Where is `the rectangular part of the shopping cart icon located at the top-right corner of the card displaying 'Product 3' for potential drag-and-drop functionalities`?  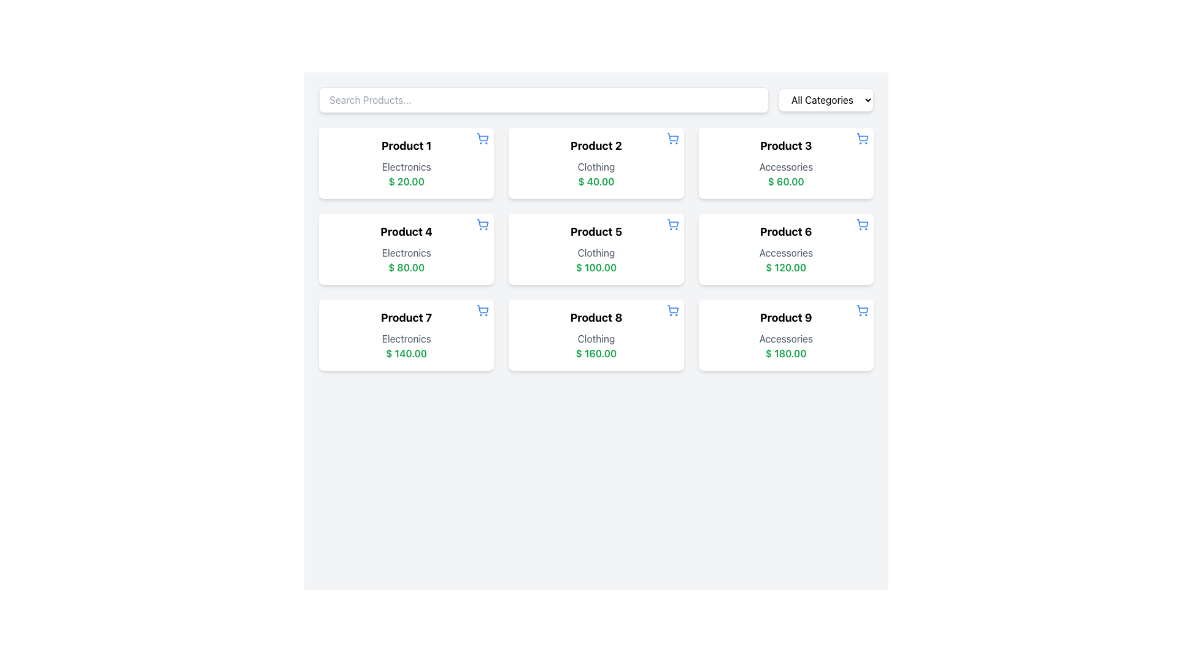
the rectangular part of the shopping cart icon located at the top-right corner of the card displaying 'Product 3' for potential drag-and-drop functionalities is located at coordinates (862, 137).